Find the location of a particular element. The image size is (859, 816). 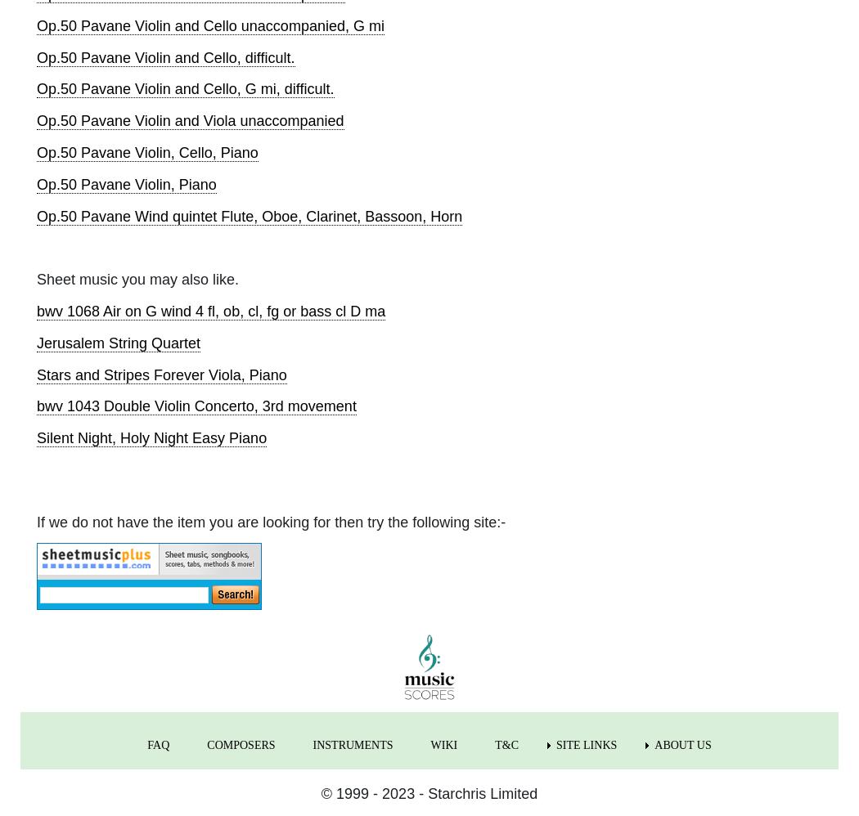

'Op.50  Pavane  Wind quintet  Flute, Oboe, Clarinet, Bassoon, Horn' is located at coordinates (36, 214).